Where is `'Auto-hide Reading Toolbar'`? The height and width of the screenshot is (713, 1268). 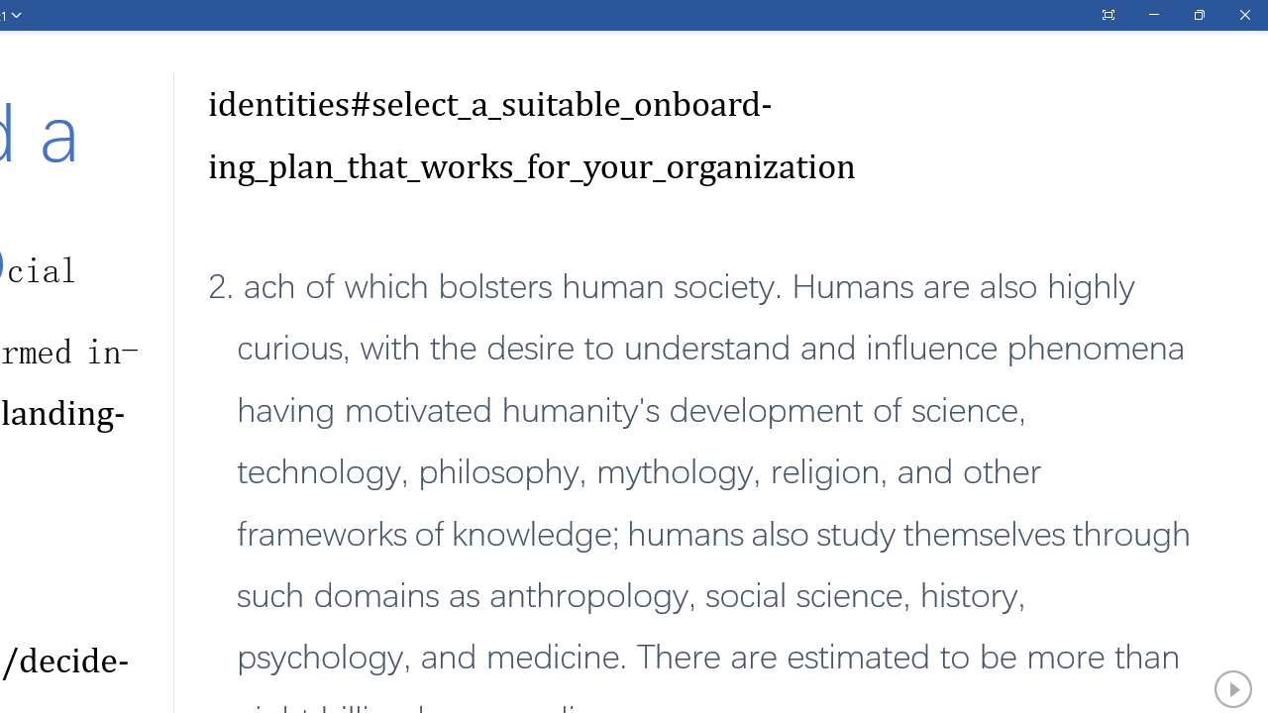 'Auto-hide Reading Toolbar' is located at coordinates (1107, 15).